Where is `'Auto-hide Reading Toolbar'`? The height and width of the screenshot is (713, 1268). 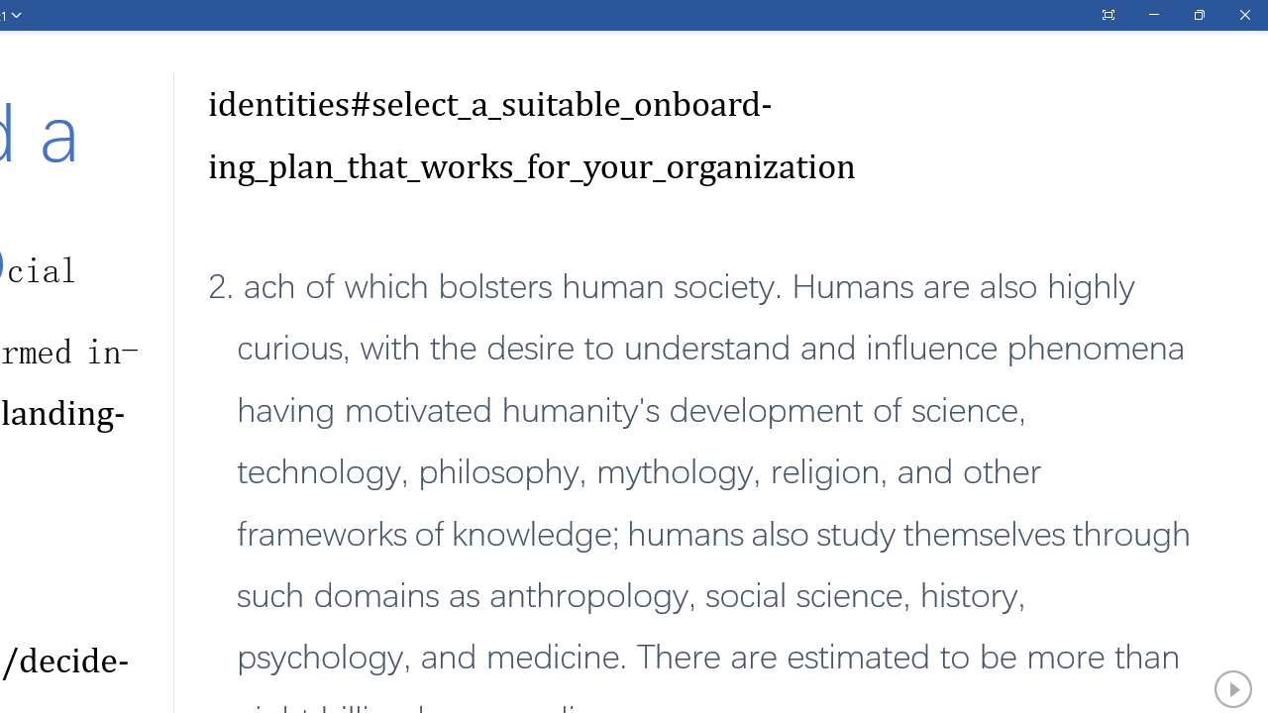 'Auto-hide Reading Toolbar' is located at coordinates (1107, 15).